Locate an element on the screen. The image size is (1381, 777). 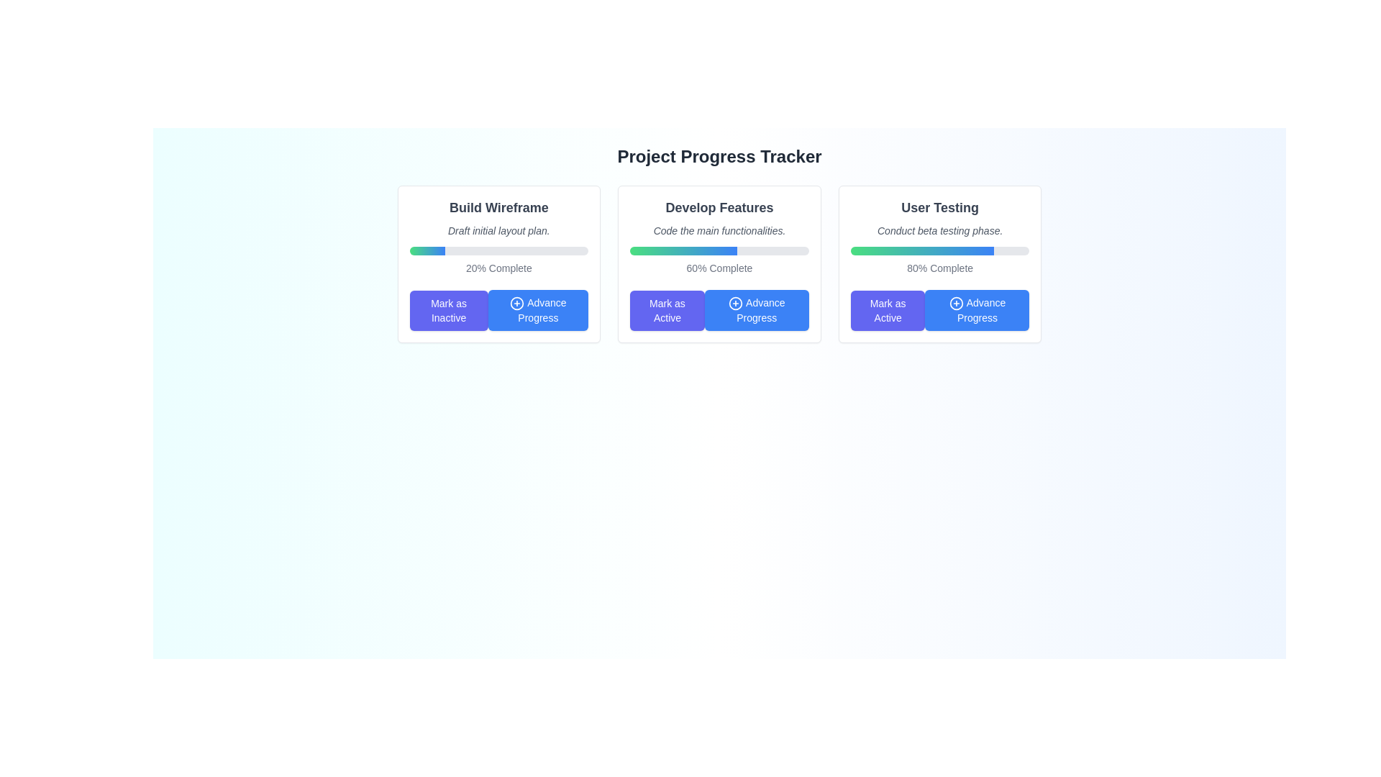
the second button in the 'User Testing' section, which is located to the right of the 'Mark as Active' button, to advance progress is located at coordinates (977, 309).